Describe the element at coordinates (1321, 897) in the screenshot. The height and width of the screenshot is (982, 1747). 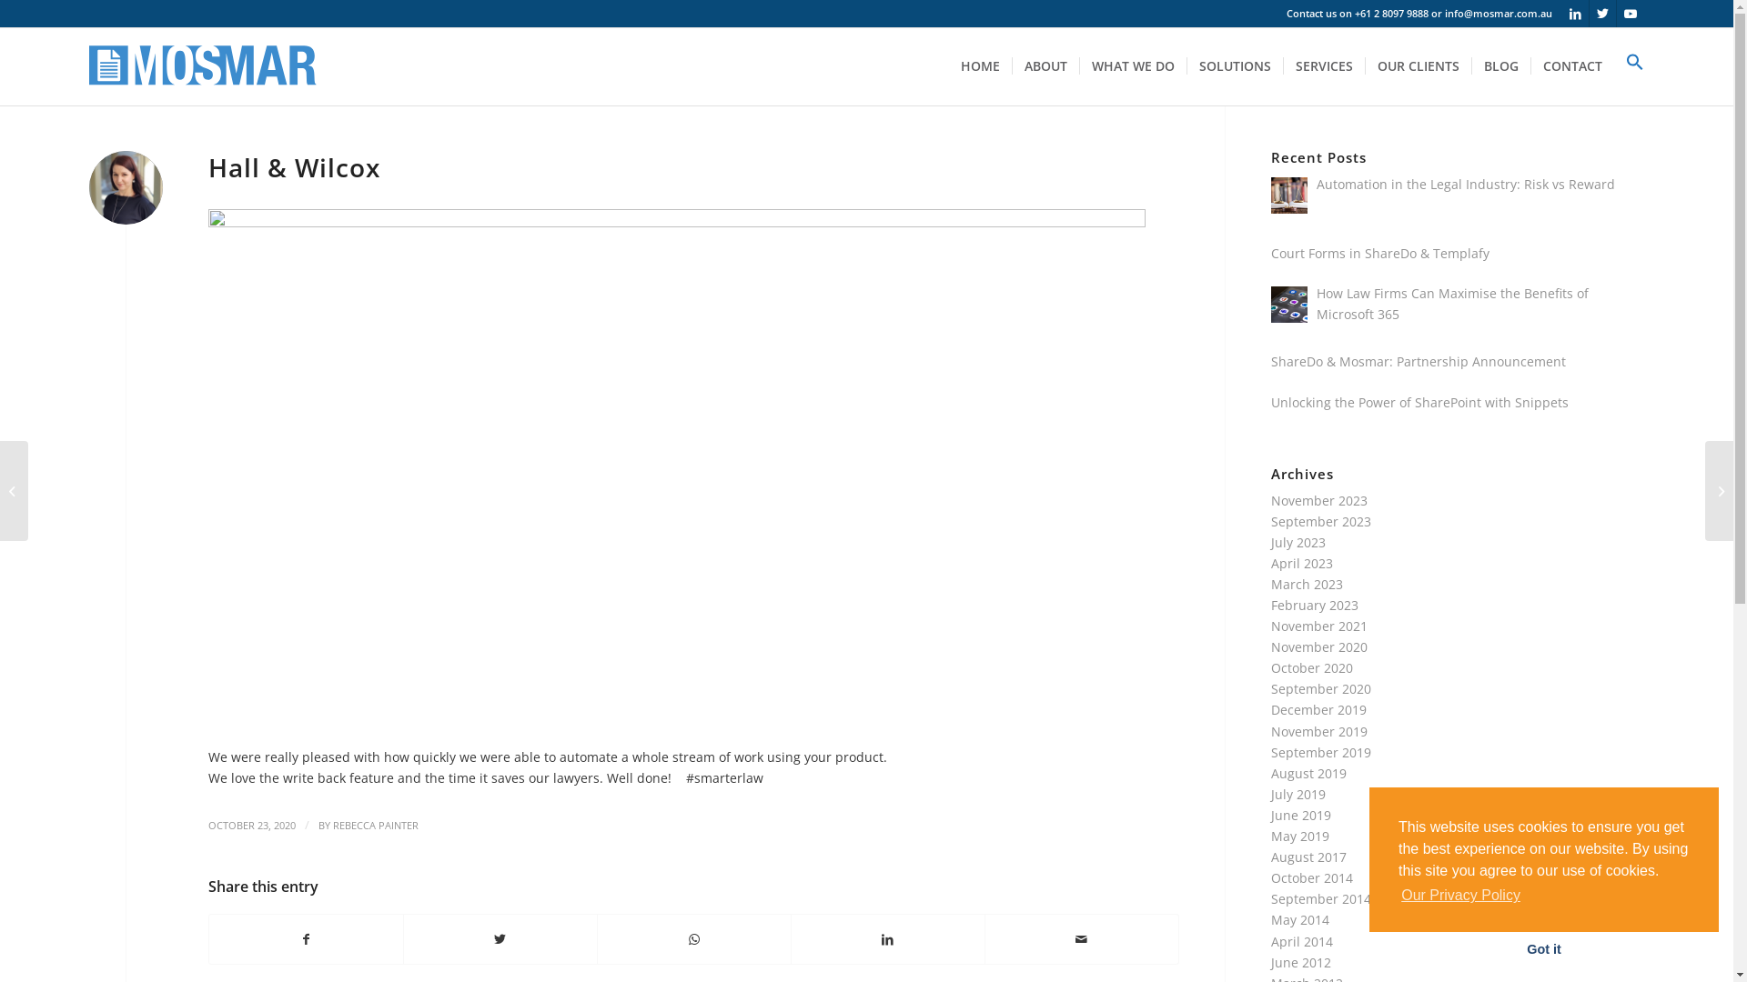
I see `'September 2014'` at that location.